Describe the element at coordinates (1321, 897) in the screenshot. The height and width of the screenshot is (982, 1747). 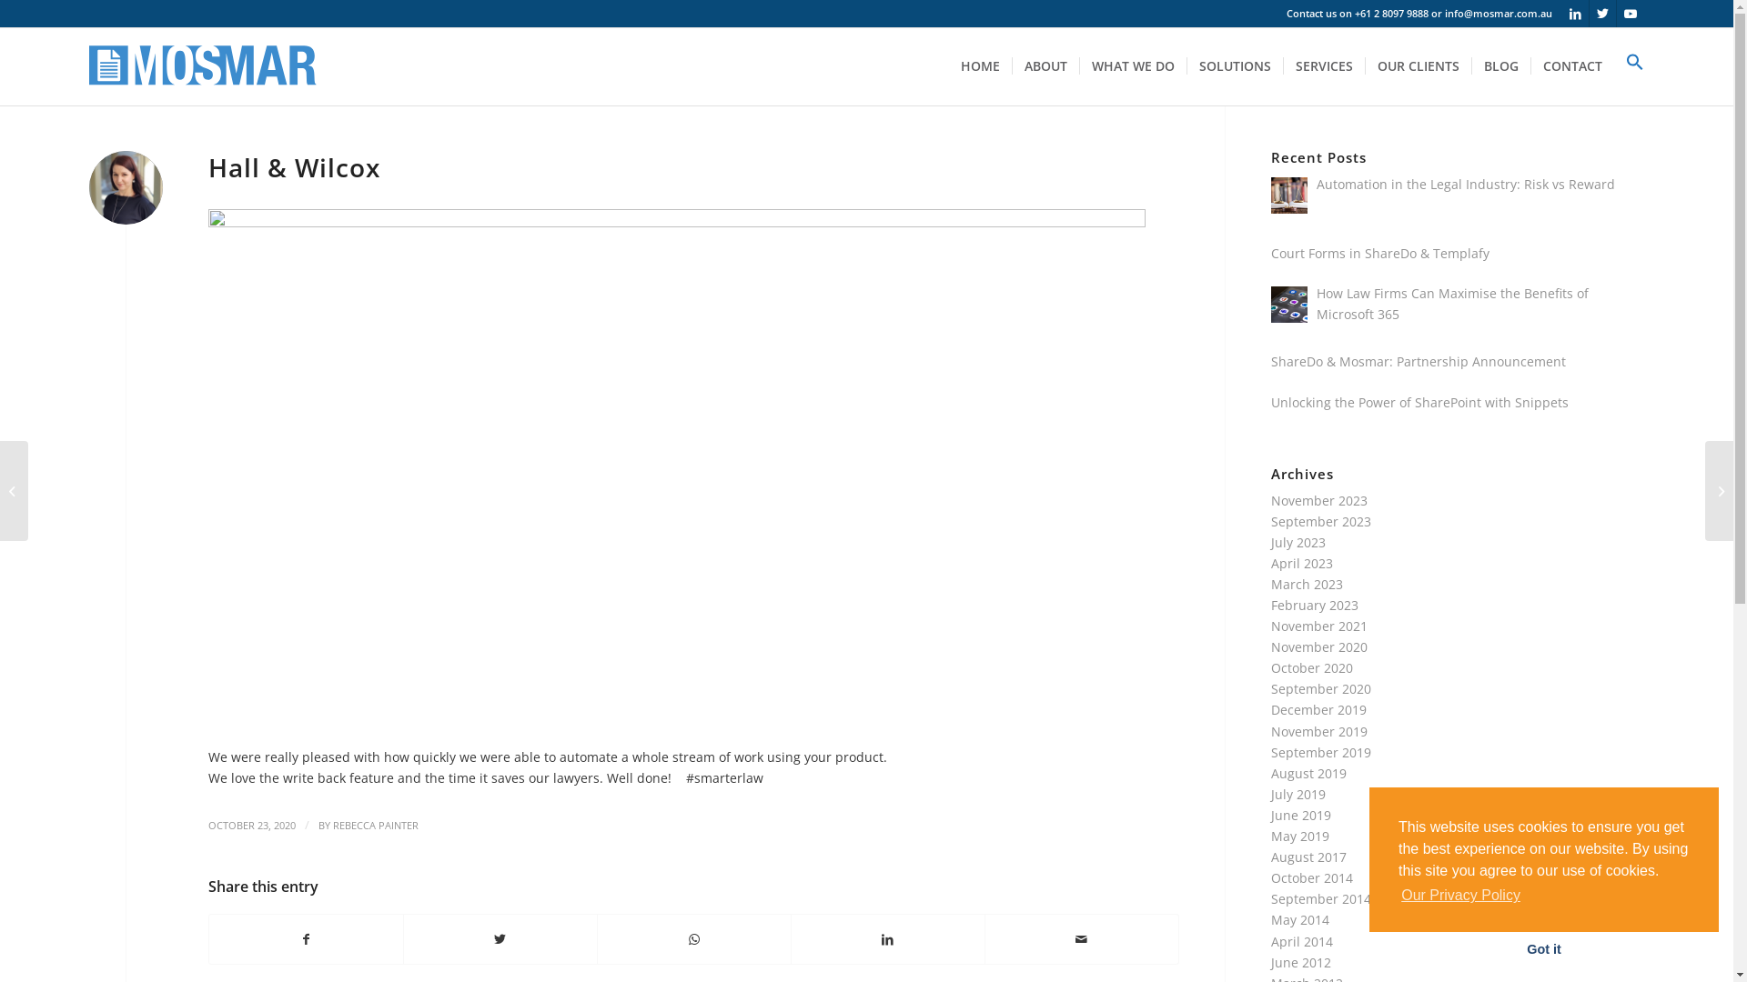
I see `'September 2014'` at that location.